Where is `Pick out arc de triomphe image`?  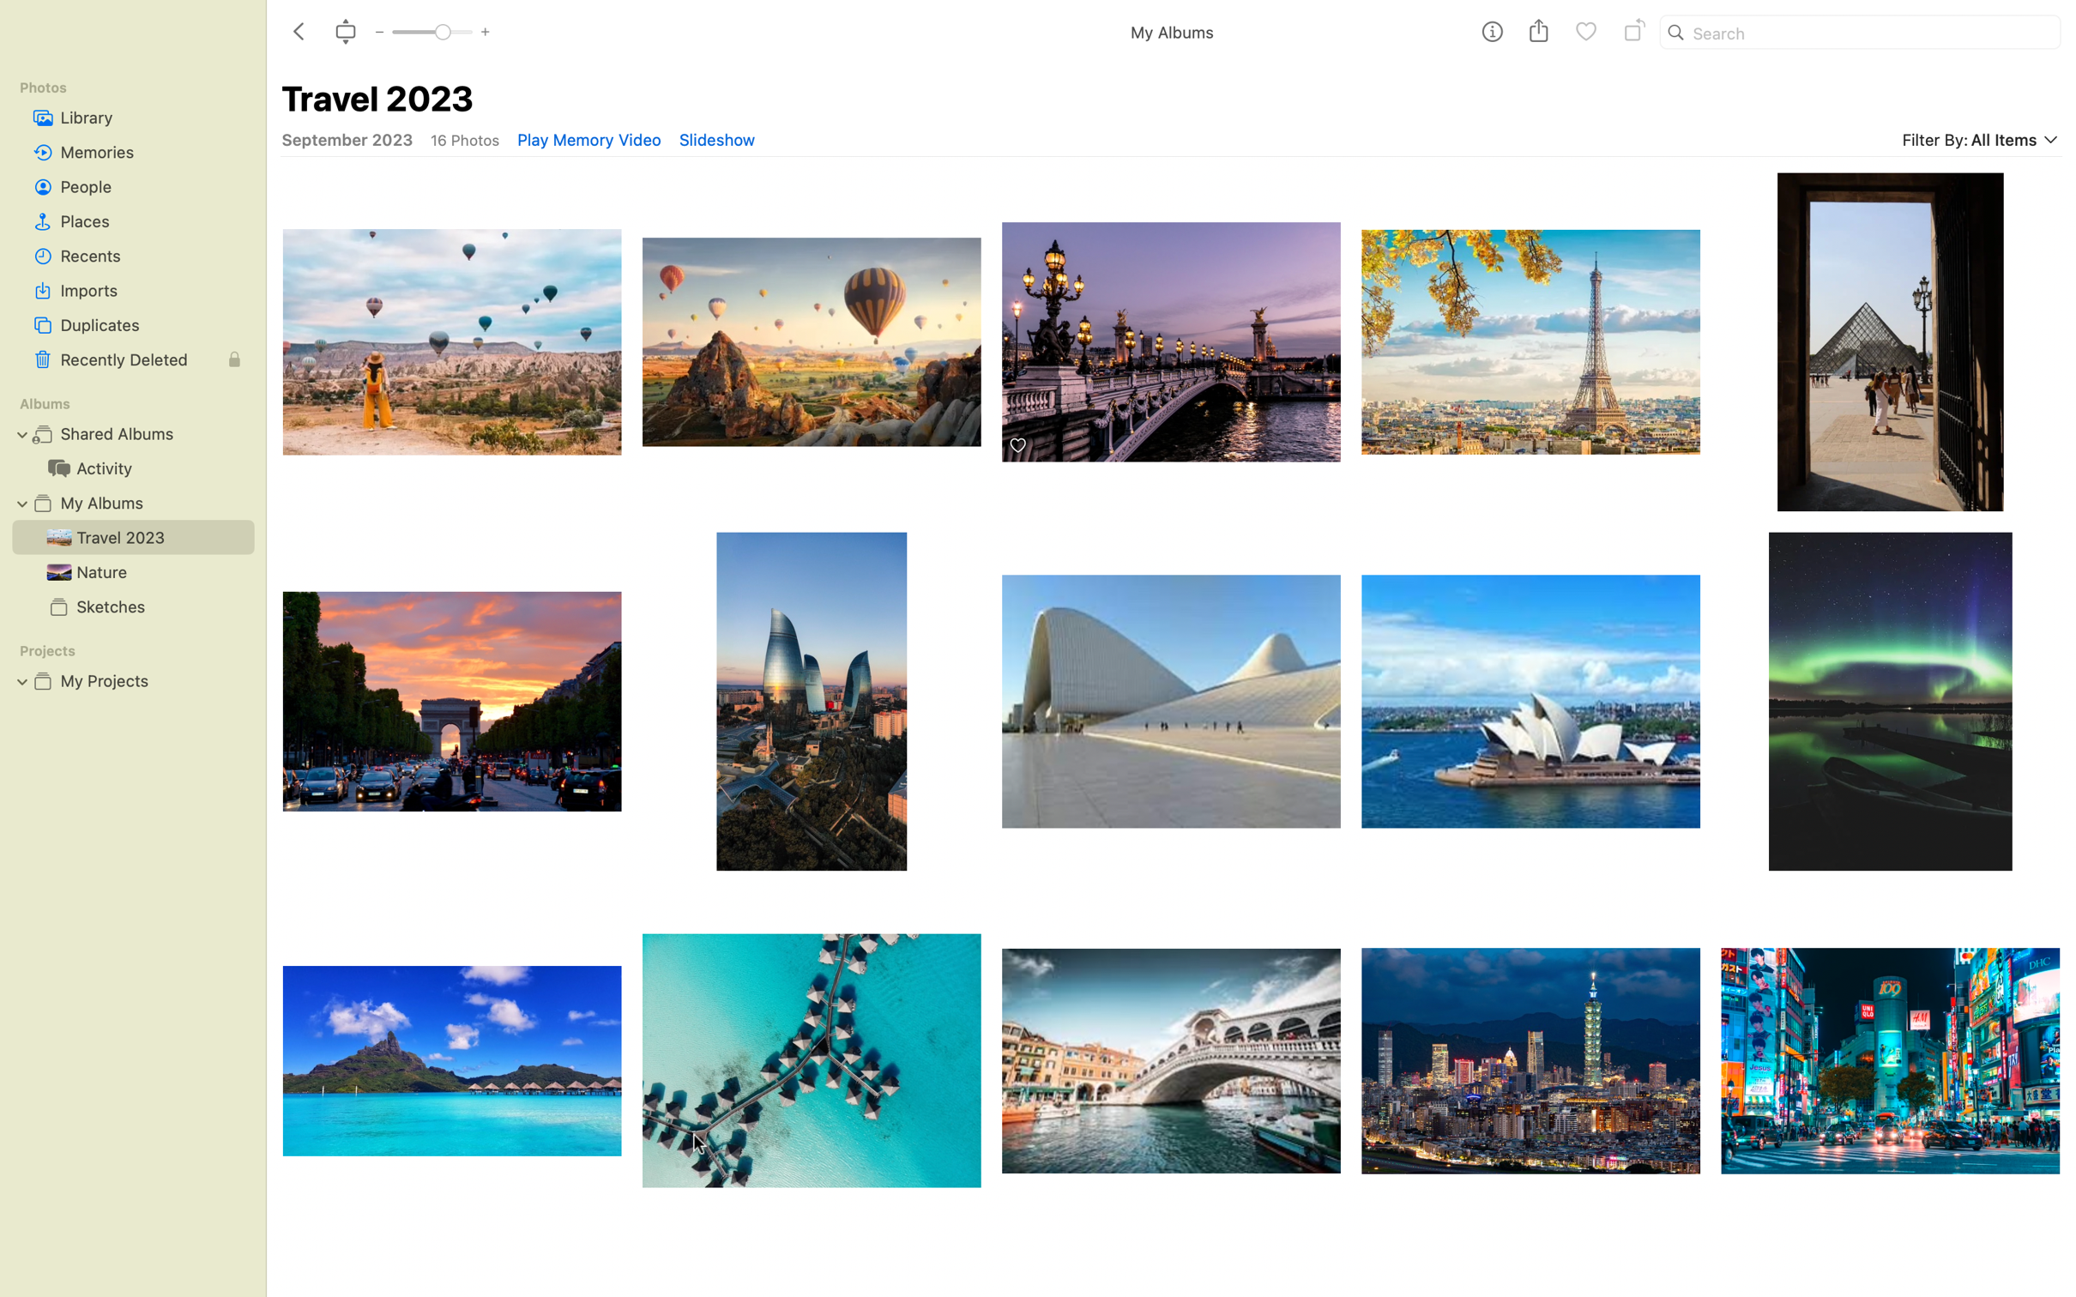
Pick out arc de triomphe image is located at coordinates (449, 702).